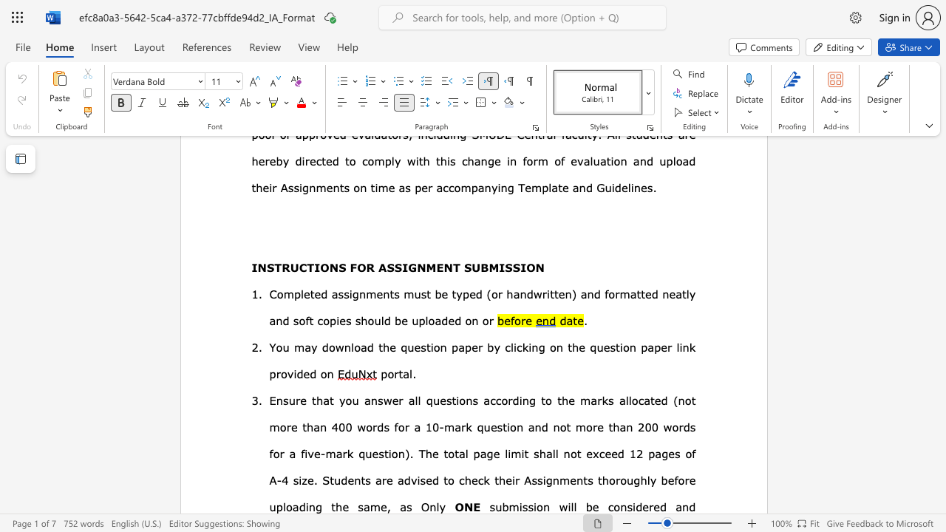 This screenshot has width=946, height=532. I want to click on the subset text "ssi" within the text "submission", so click(522, 506).